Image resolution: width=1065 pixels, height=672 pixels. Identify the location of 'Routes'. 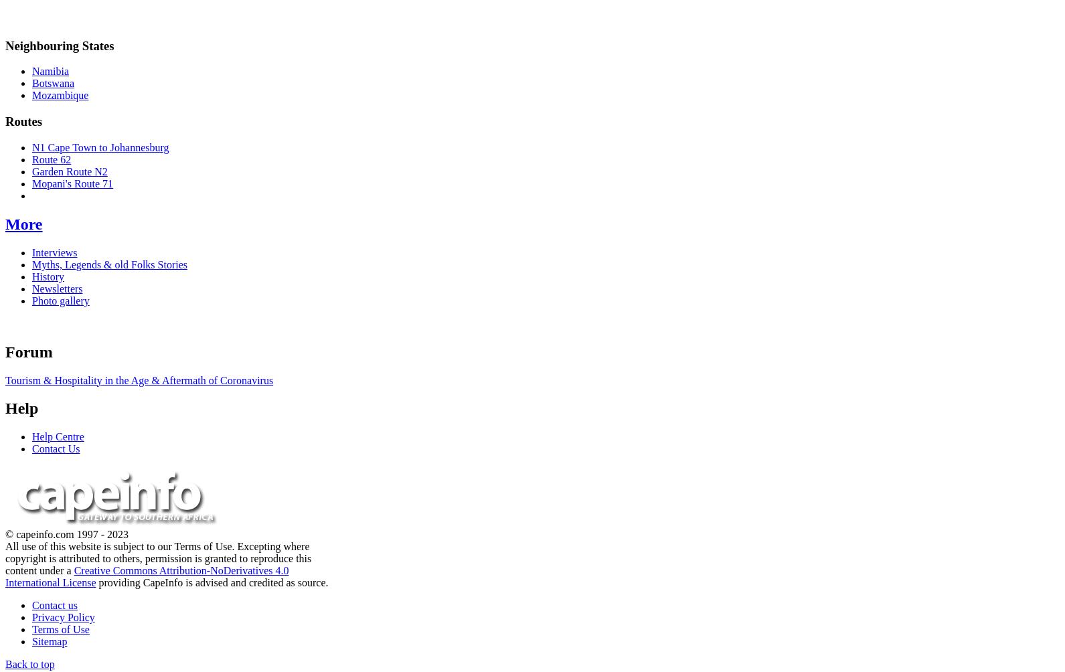
(23, 120).